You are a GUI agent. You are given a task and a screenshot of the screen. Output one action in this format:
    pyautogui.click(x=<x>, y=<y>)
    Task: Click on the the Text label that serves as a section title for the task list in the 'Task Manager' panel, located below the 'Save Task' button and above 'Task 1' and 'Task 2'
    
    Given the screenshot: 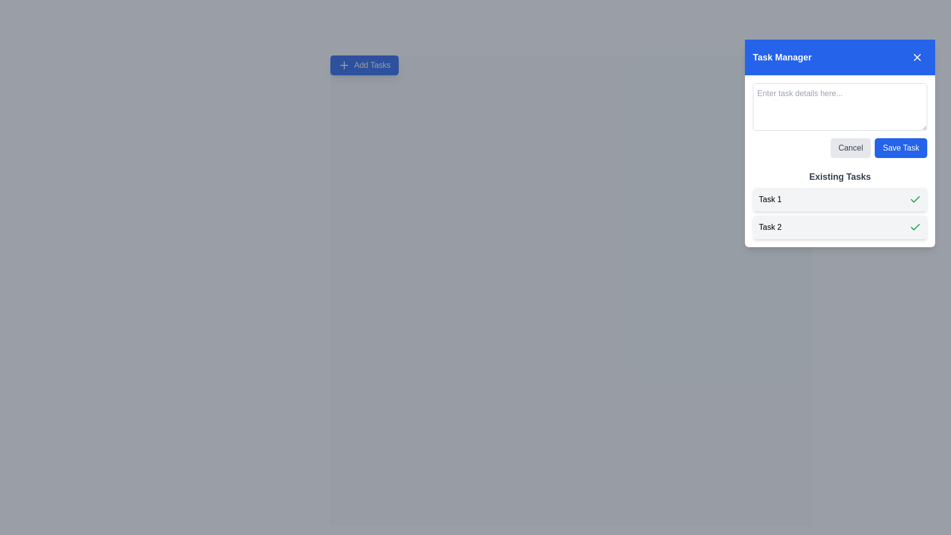 What is the action you would take?
    pyautogui.click(x=839, y=176)
    